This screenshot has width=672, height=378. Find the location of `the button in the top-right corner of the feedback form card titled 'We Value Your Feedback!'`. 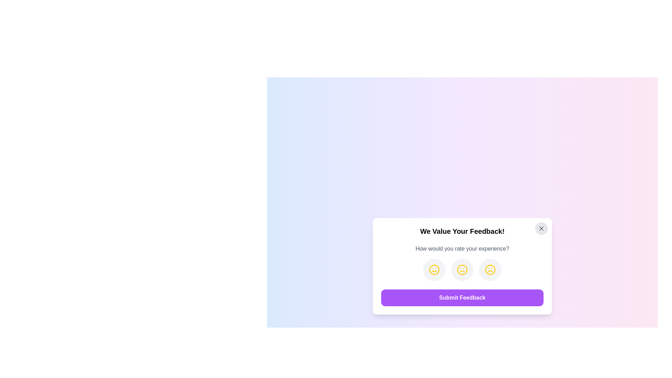

the button in the top-right corner of the feedback form card titled 'We Value Your Feedback!' is located at coordinates (541, 228).